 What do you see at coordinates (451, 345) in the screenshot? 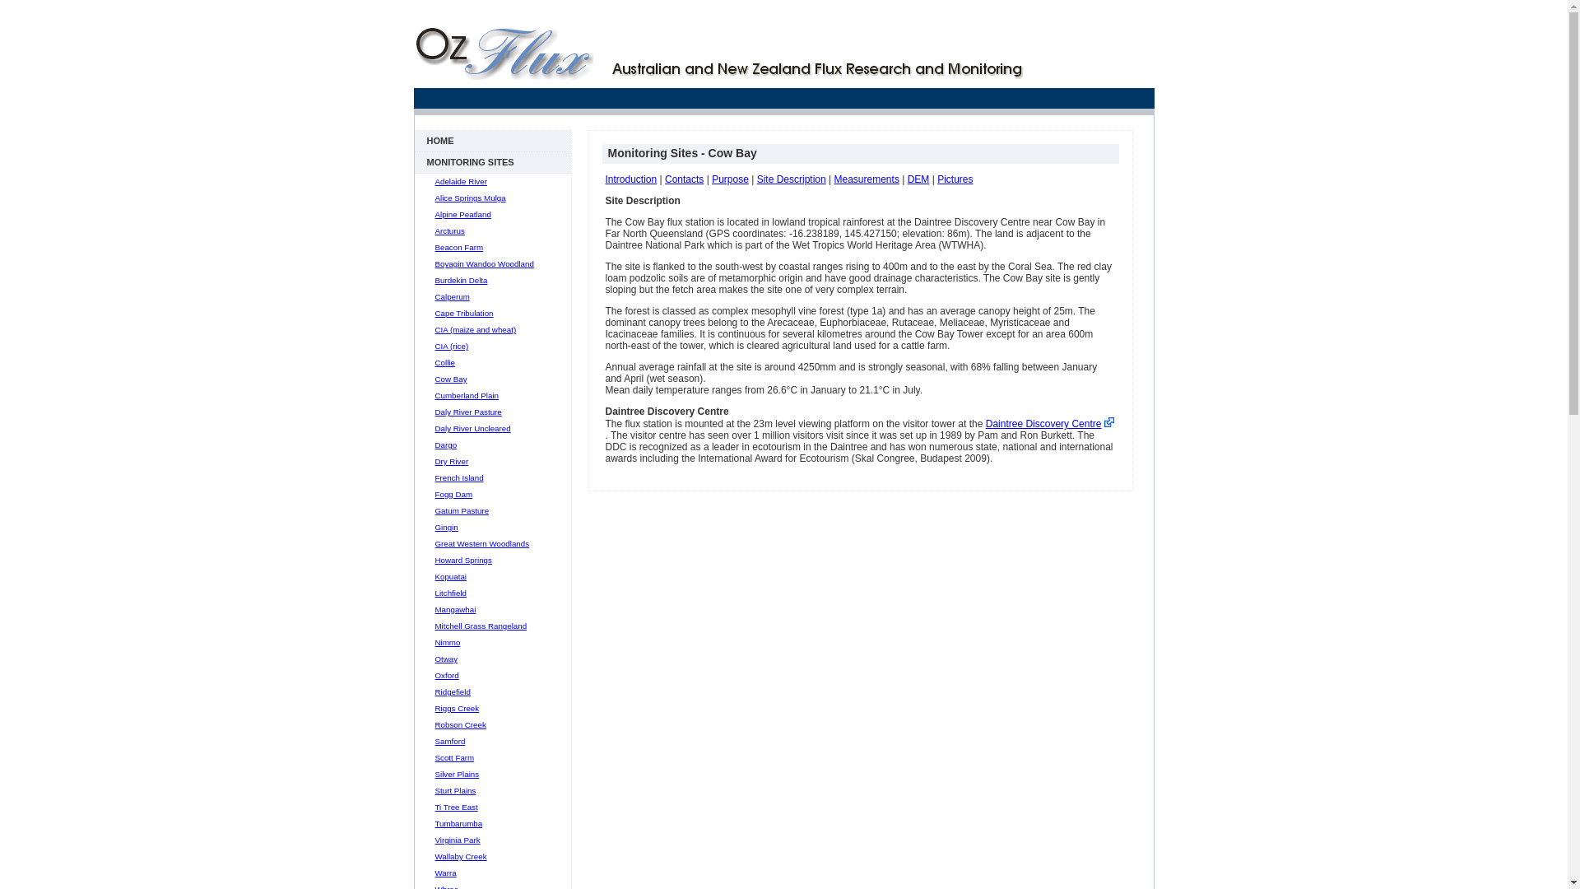
I see `'CIA (rice)'` at bounding box center [451, 345].